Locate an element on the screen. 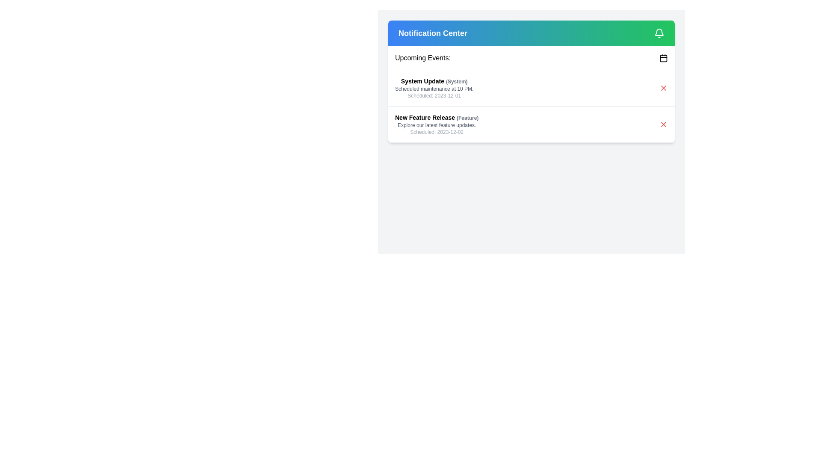 This screenshot has height=462, width=821. text located in the second line of the first notification entry, which provides critical details about the timing of scheduled maintenance, found below the bold title 'System Update (System)' is located at coordinates (434, 89).